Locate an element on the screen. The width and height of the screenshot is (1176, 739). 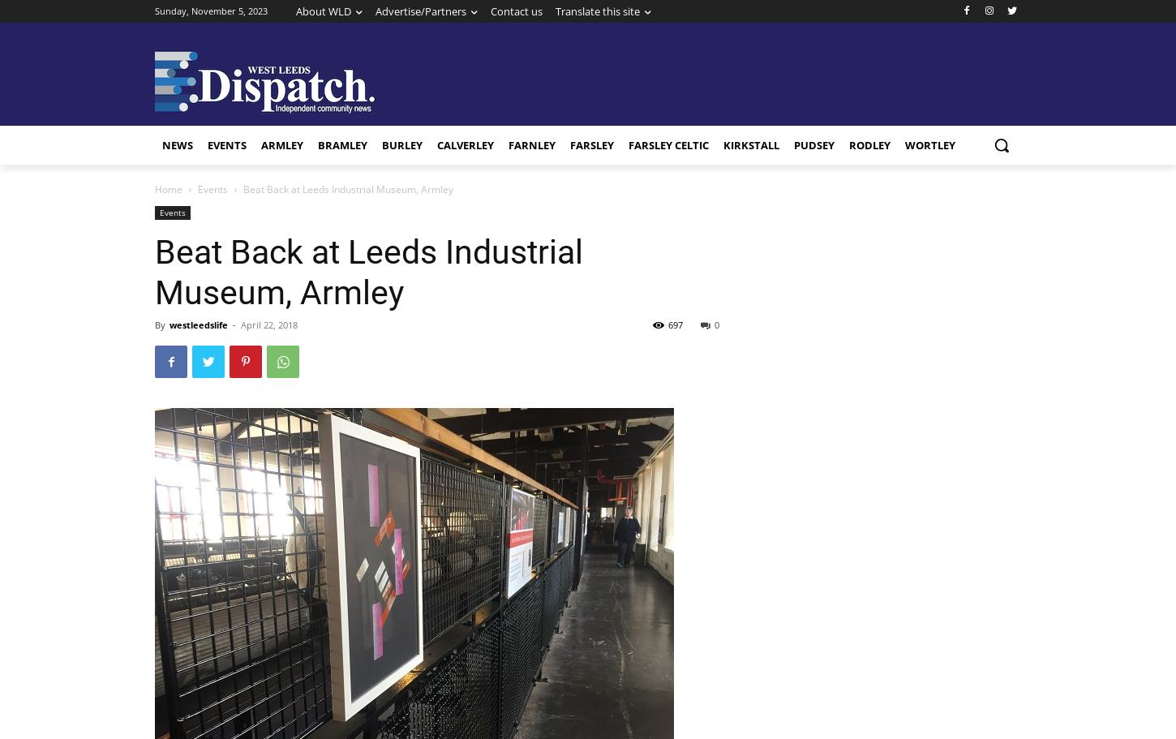
'Kurdish' is located at coordinates (595, 234).